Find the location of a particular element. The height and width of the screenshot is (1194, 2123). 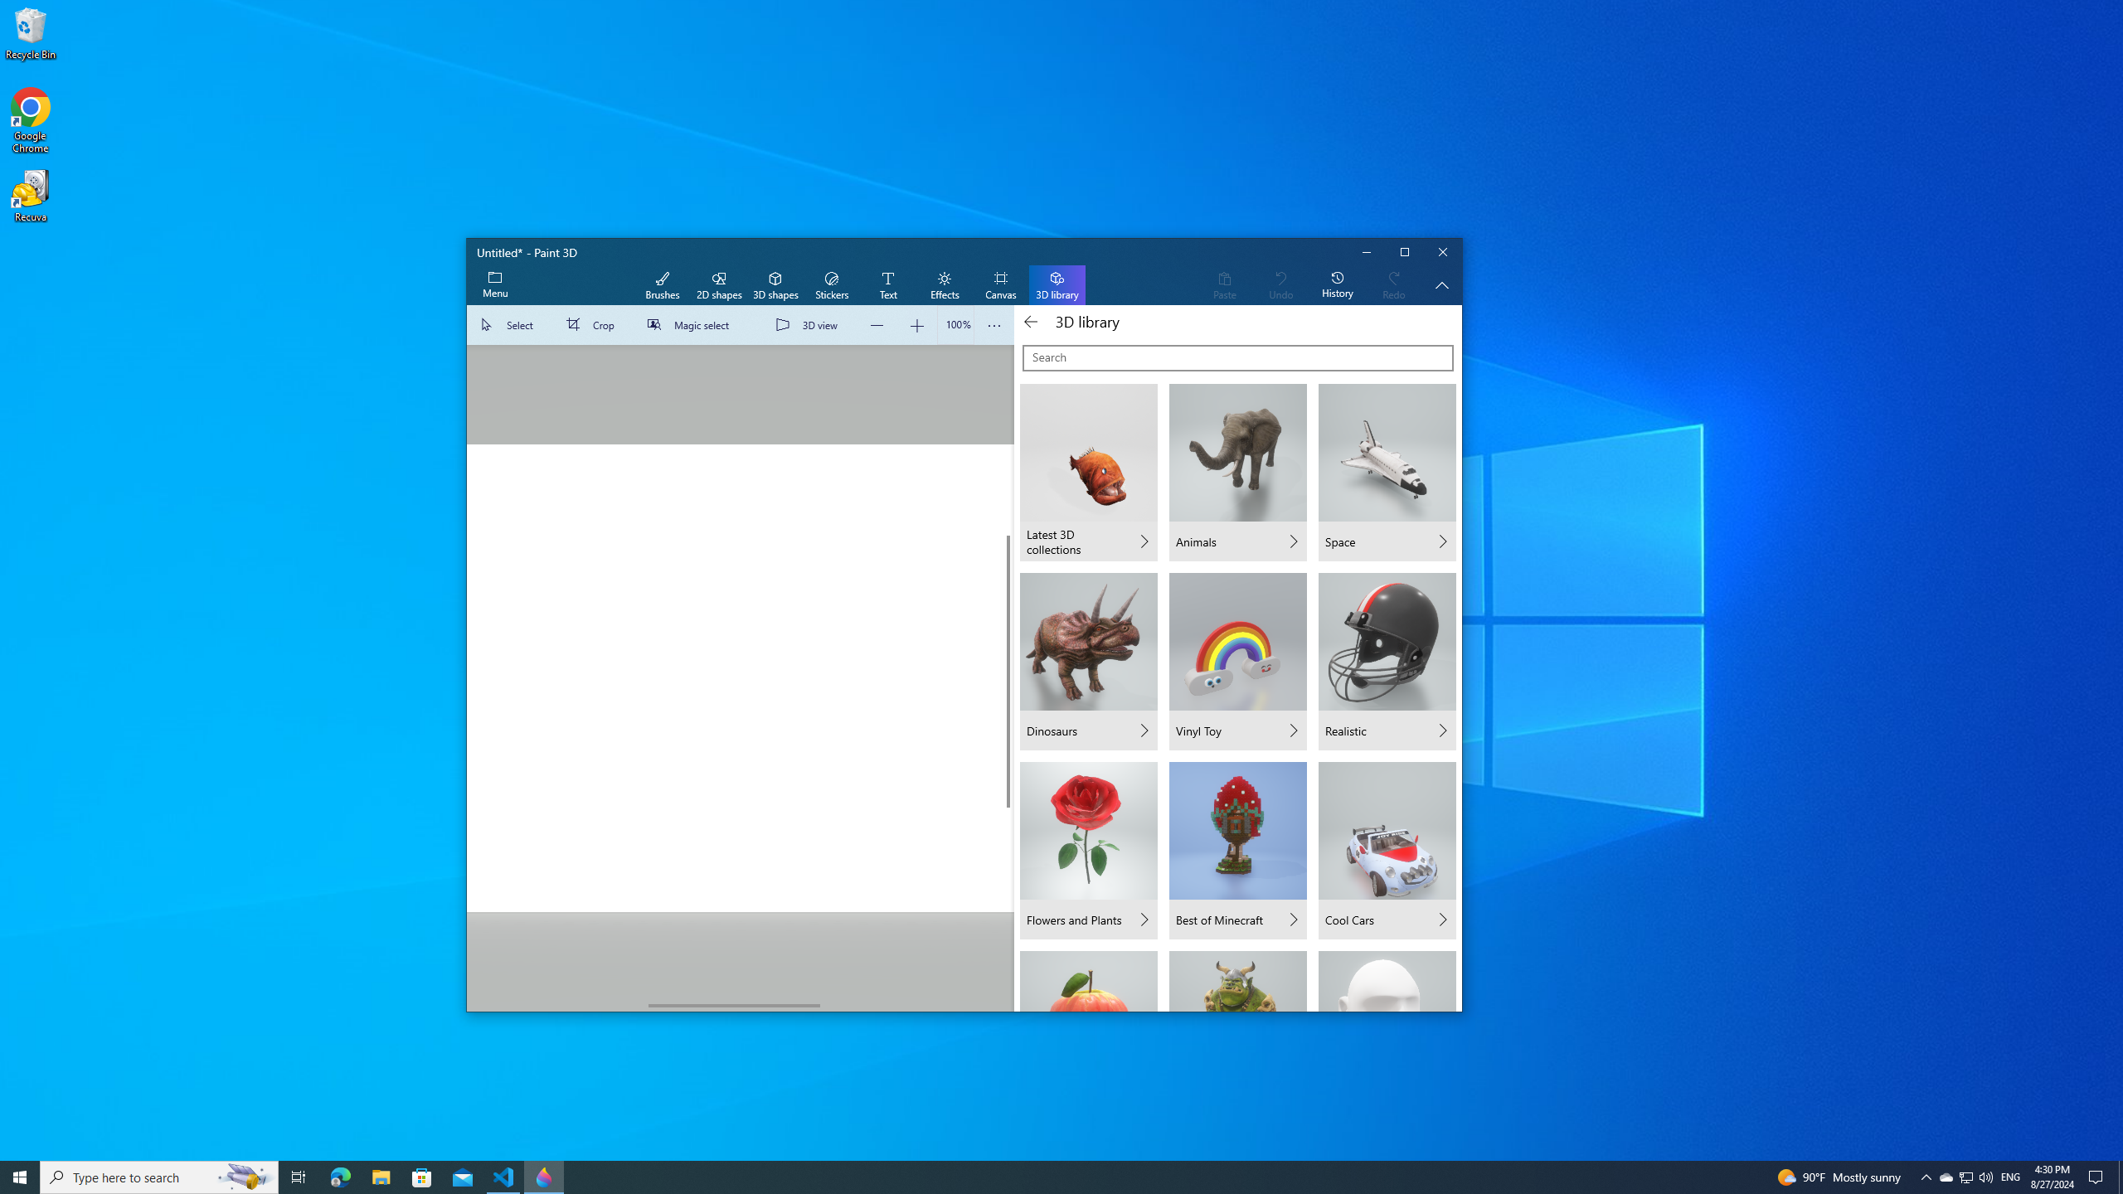

'Animals' is located at coordinates (1236, 473).